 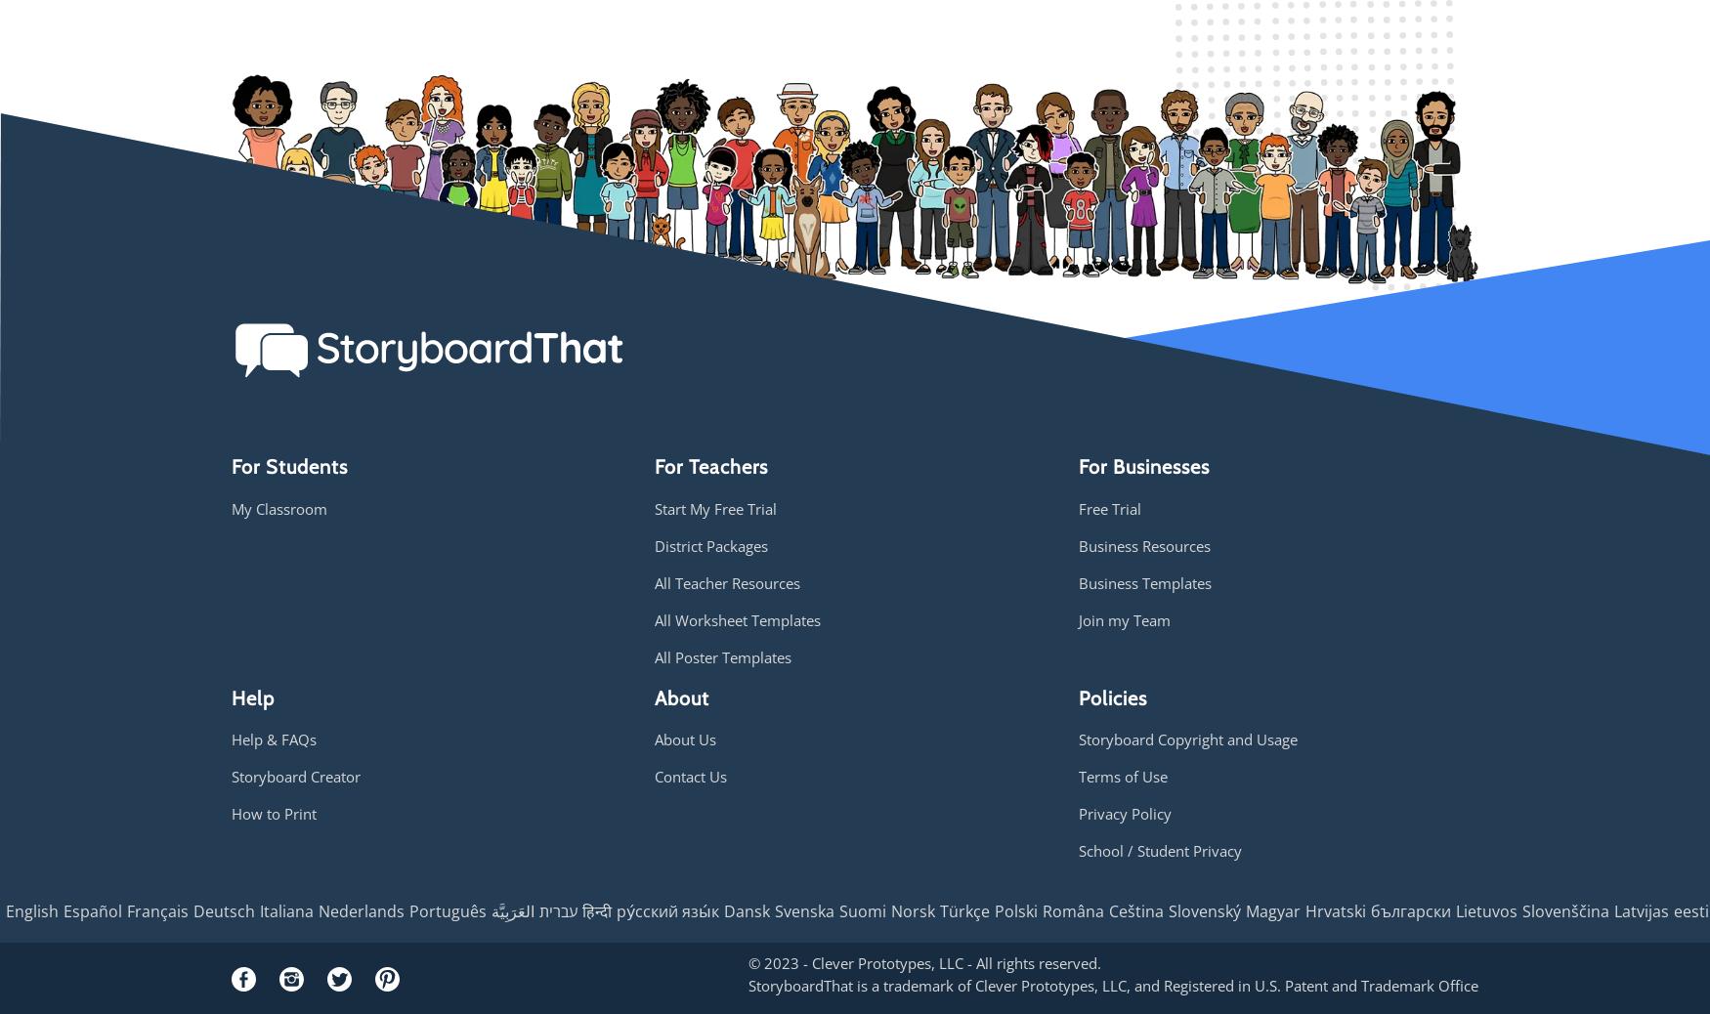 I want to click on 'Slovenščina', so click(x=1565, y=910).